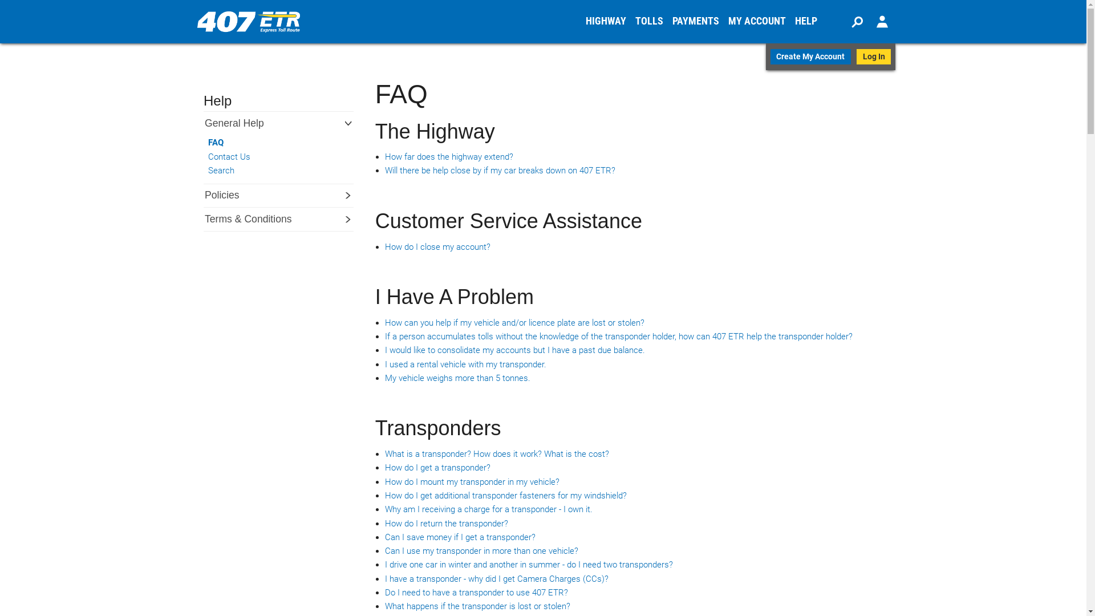 The width and height of the screenshot is (1095, 616). Describe the element at coordinates (805, 22) in the screenshot. I see `'HELP'` at that location.